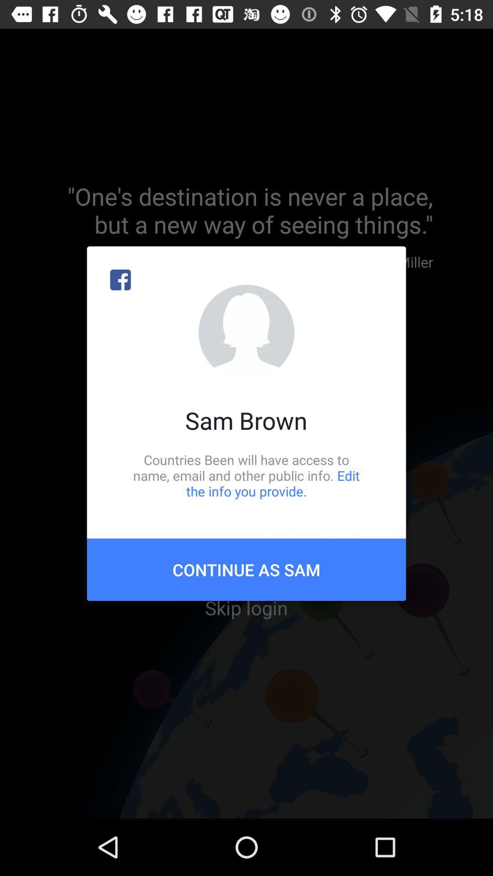 The width and height of the screenshot is (493, 876). I want to click on the icon below sam brown, so click(246, 475).